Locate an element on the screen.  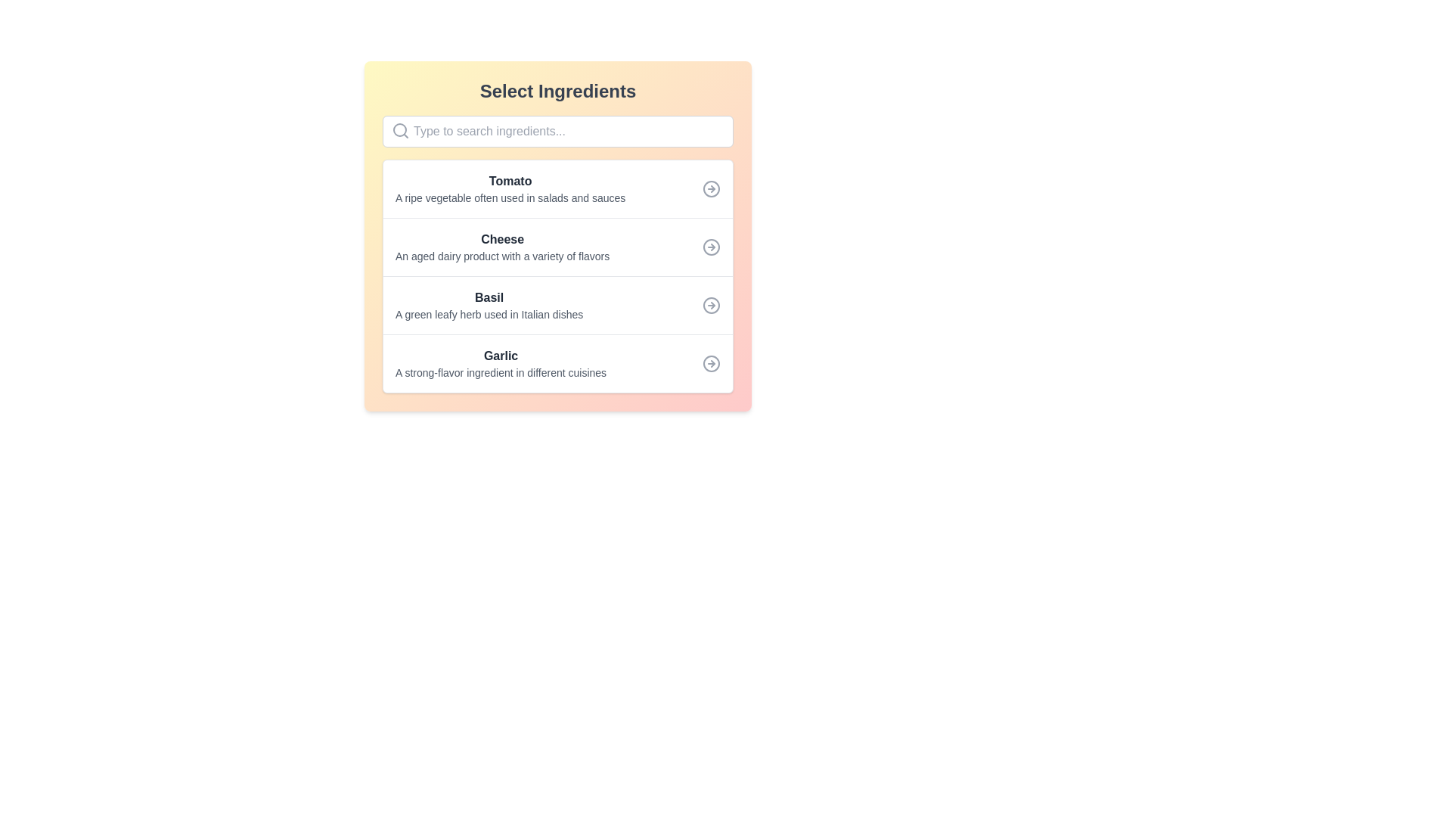
the outer circle of the rightward-pointing arrow icon associated with the 'Cheese' list item is located at coordinates (710, 247).